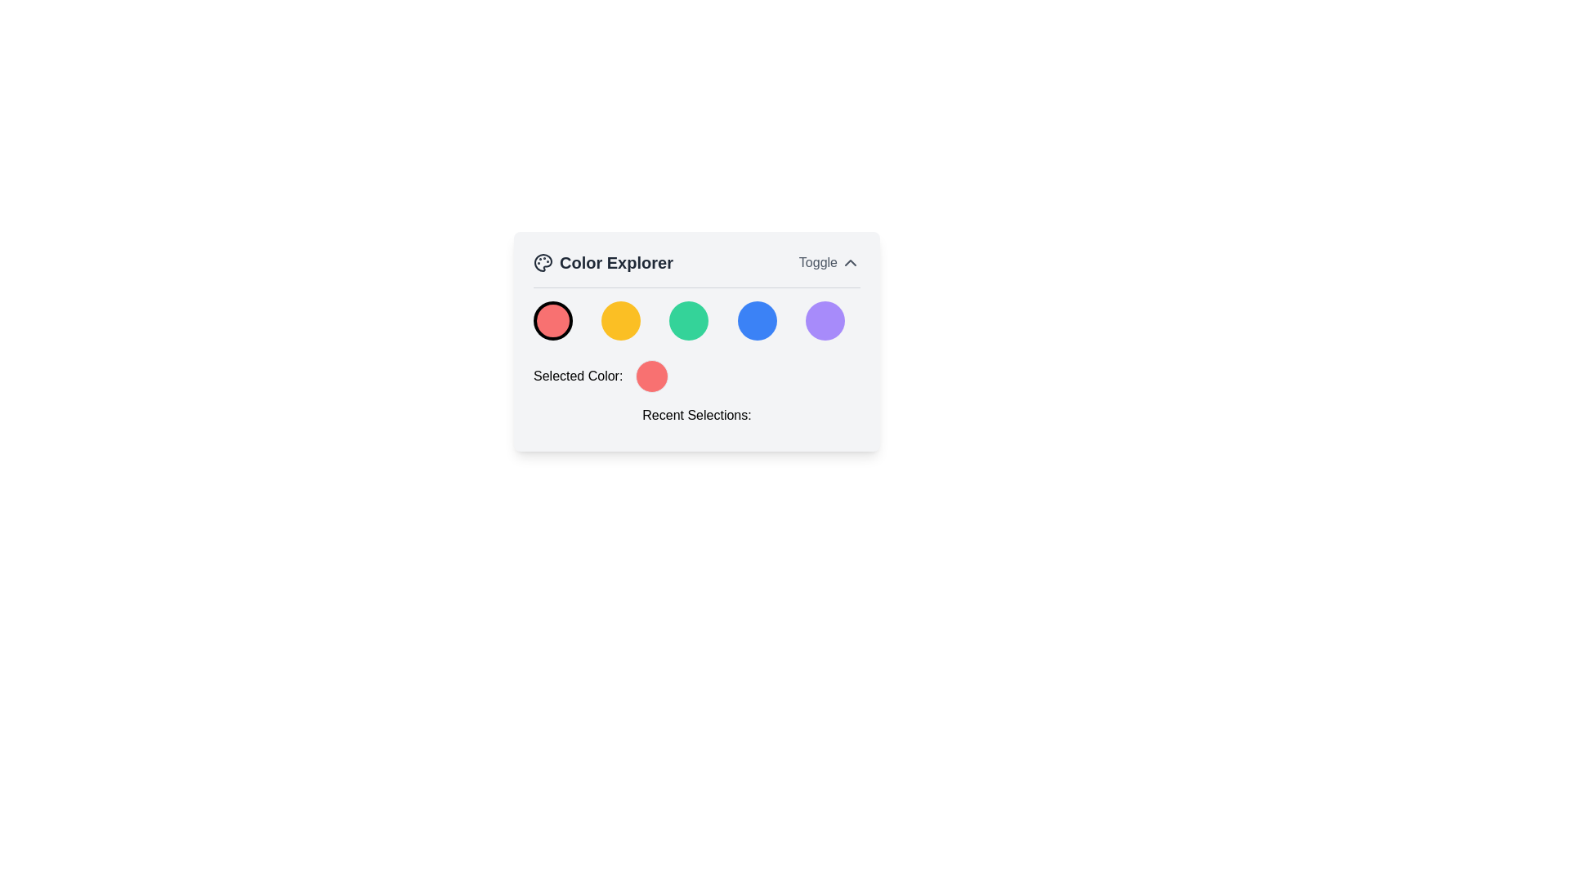  What do you see at coordinates (850, 261) in the screenshot?
I see `the Chevron Arrow icon located in the header area, to the right of the 'Toggle' label, indicating the collapsible or expandable functionality` at bounding box center [850, 261].